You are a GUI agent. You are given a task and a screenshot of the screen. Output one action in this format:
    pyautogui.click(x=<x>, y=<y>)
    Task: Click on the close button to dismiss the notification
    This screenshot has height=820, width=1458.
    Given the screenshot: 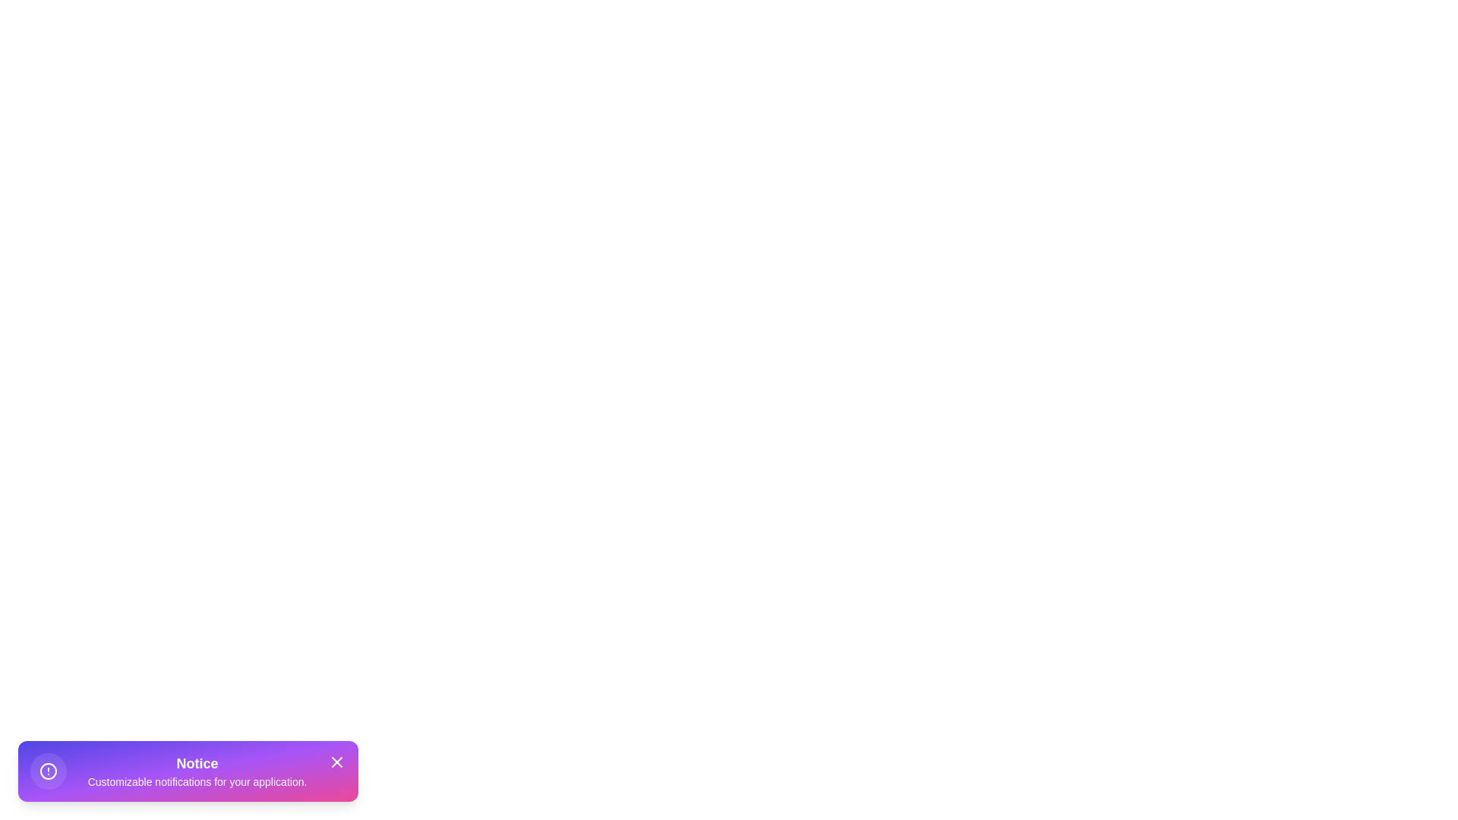 What is the action you would take?
    pyautogui.click(x=336, y=762)
    